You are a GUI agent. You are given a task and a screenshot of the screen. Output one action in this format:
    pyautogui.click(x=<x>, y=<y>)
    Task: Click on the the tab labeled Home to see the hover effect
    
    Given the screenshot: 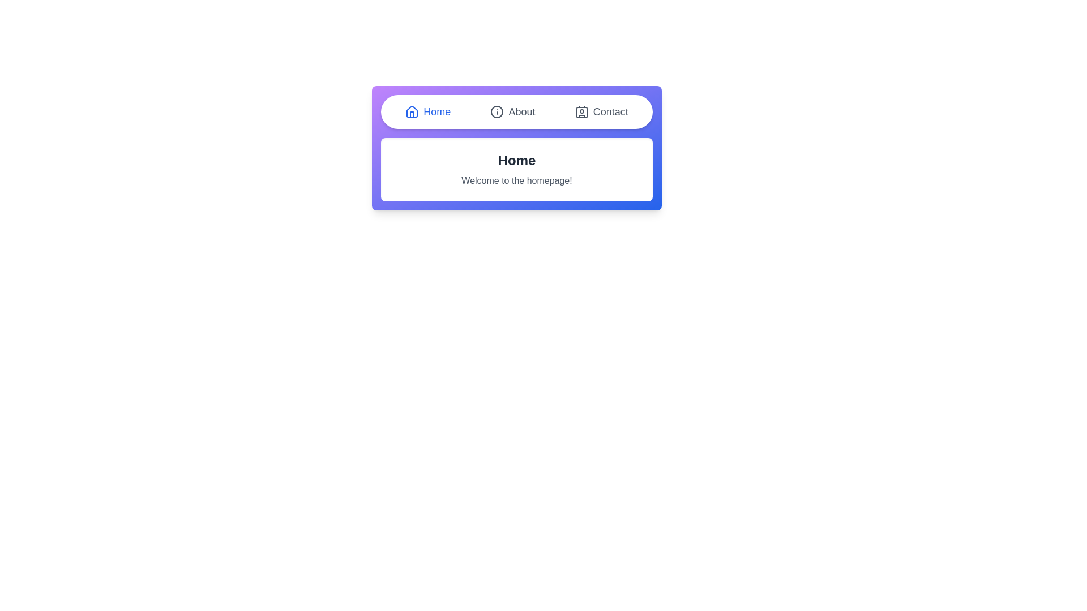 What is the action you would take?
    pyautogui.click(x=427, y=111)
    